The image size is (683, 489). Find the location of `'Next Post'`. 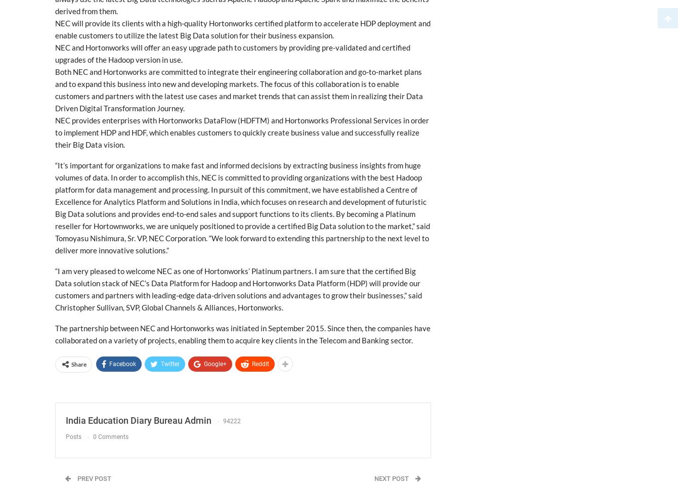

'Next Post' is located at coordinates (391, 478).